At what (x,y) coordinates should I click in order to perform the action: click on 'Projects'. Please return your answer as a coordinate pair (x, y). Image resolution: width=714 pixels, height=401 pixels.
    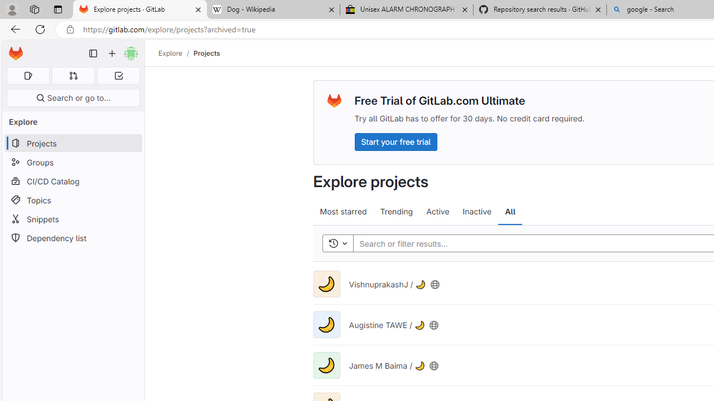
    Looking at the image, I should click on (207, 53).